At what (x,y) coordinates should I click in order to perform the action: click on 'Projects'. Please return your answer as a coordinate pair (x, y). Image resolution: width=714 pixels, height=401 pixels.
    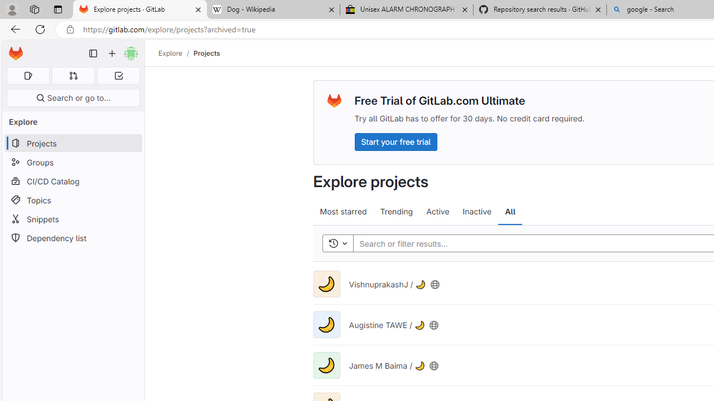
    Looking at the image, I should click on (207, 53).